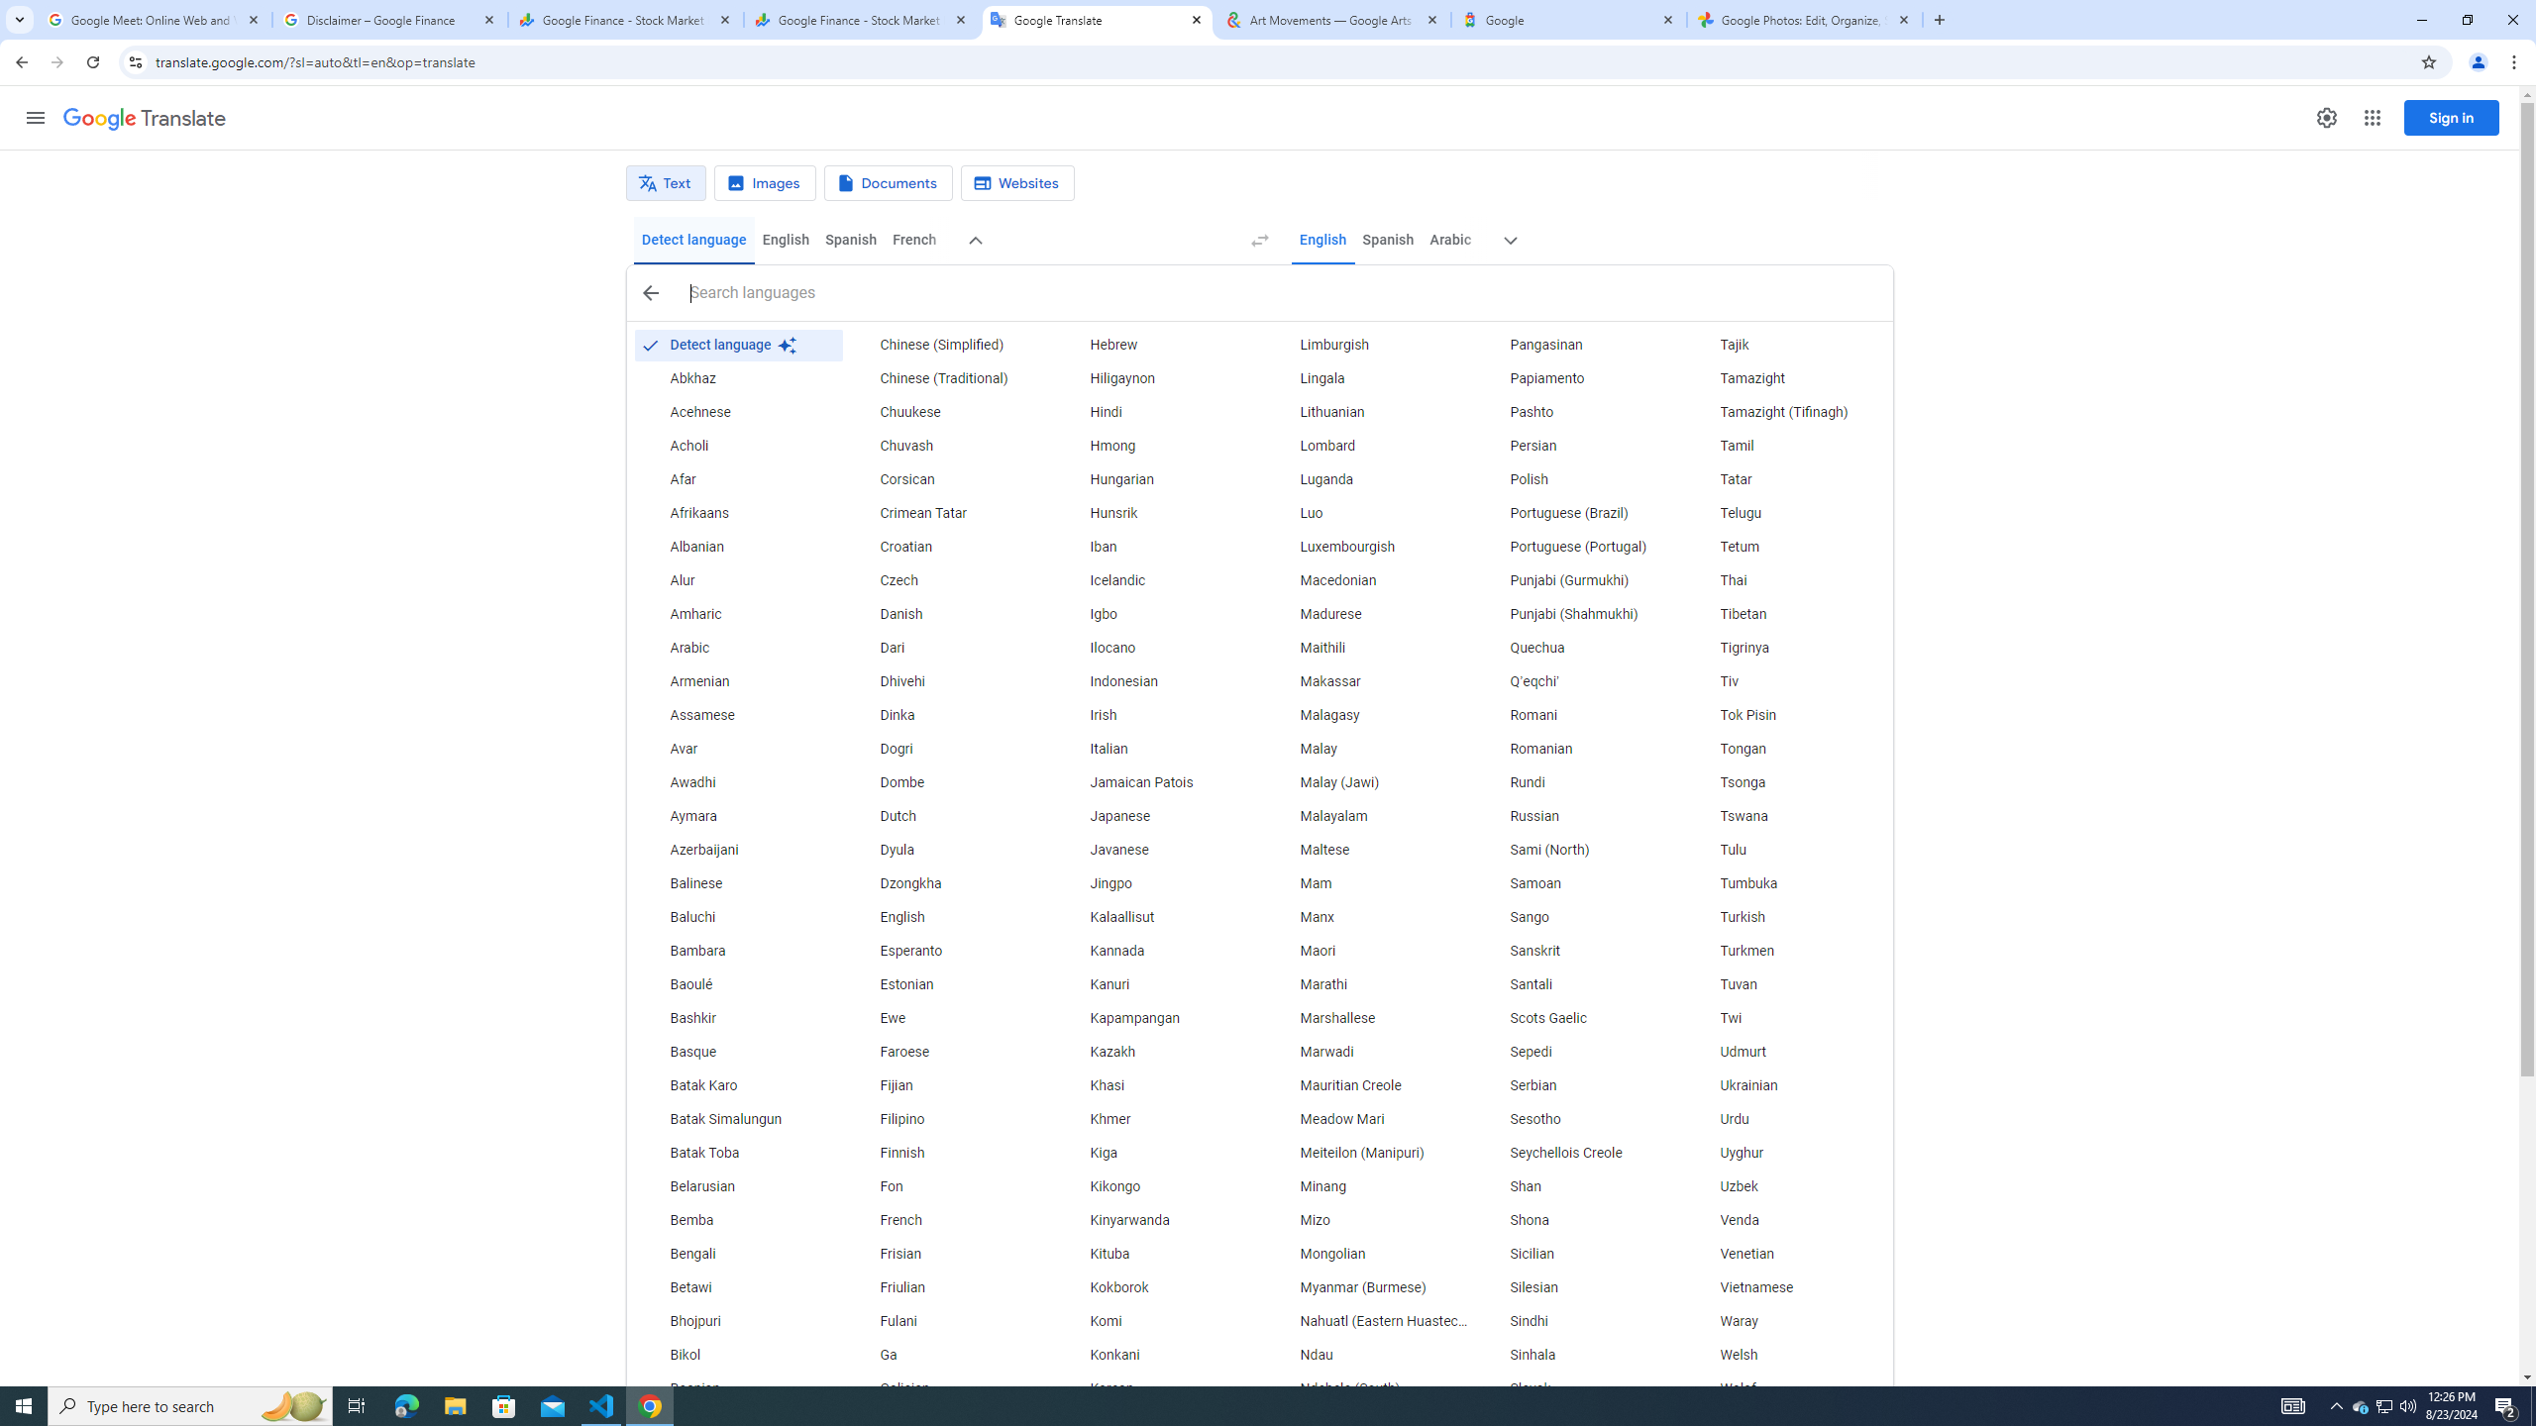 Image resolution: width=2536 pixels, height=1426 pixels. What do you see at coordinates (1578, 614) in the screenshot?
I see `'Punjabi (Shahmukhi)'` at bounding box center [1578, 614].